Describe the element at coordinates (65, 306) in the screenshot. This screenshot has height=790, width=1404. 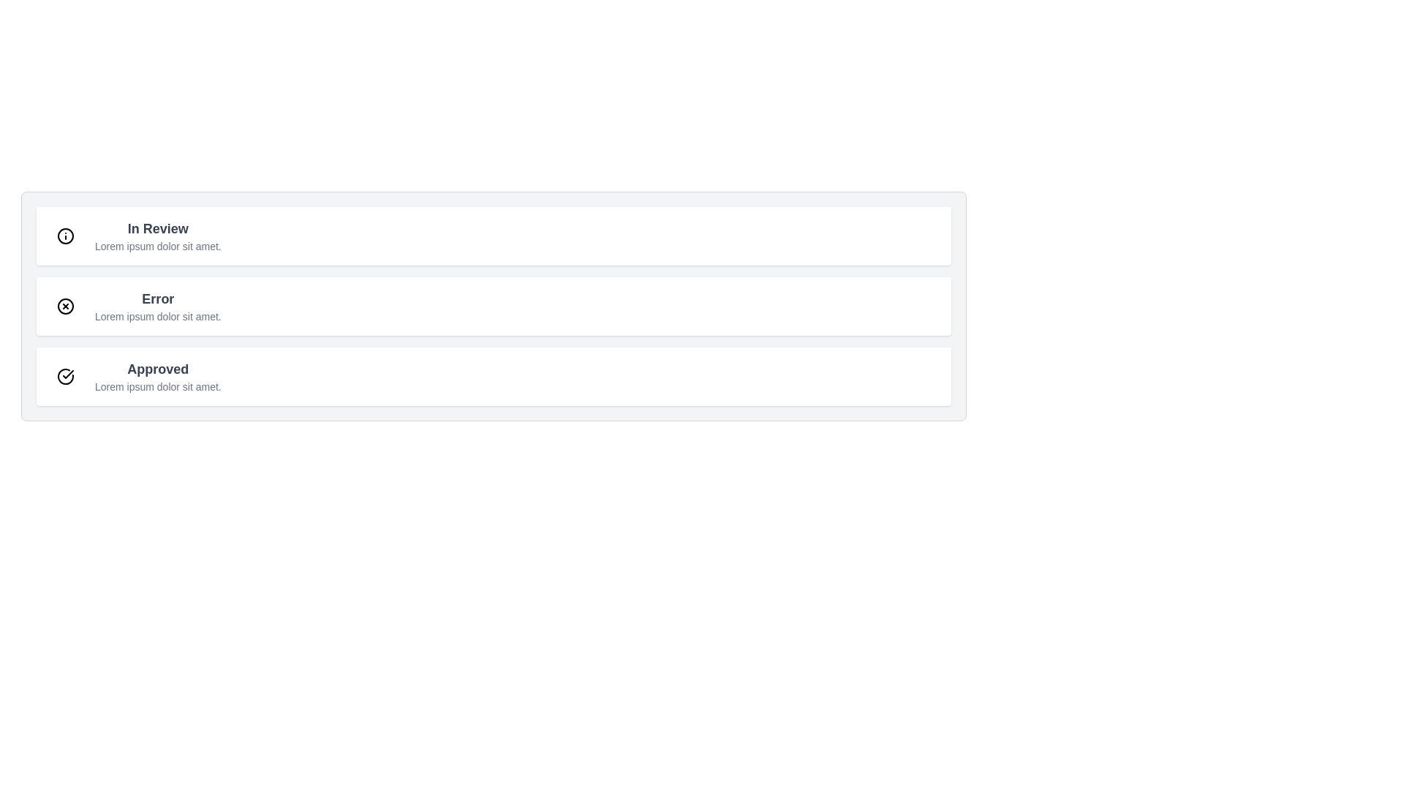
I see `the red circular icon with a white 'X' that represents an error or closure operation, located in the second row of the vertically stacked list labeled 'Error'` at that location.